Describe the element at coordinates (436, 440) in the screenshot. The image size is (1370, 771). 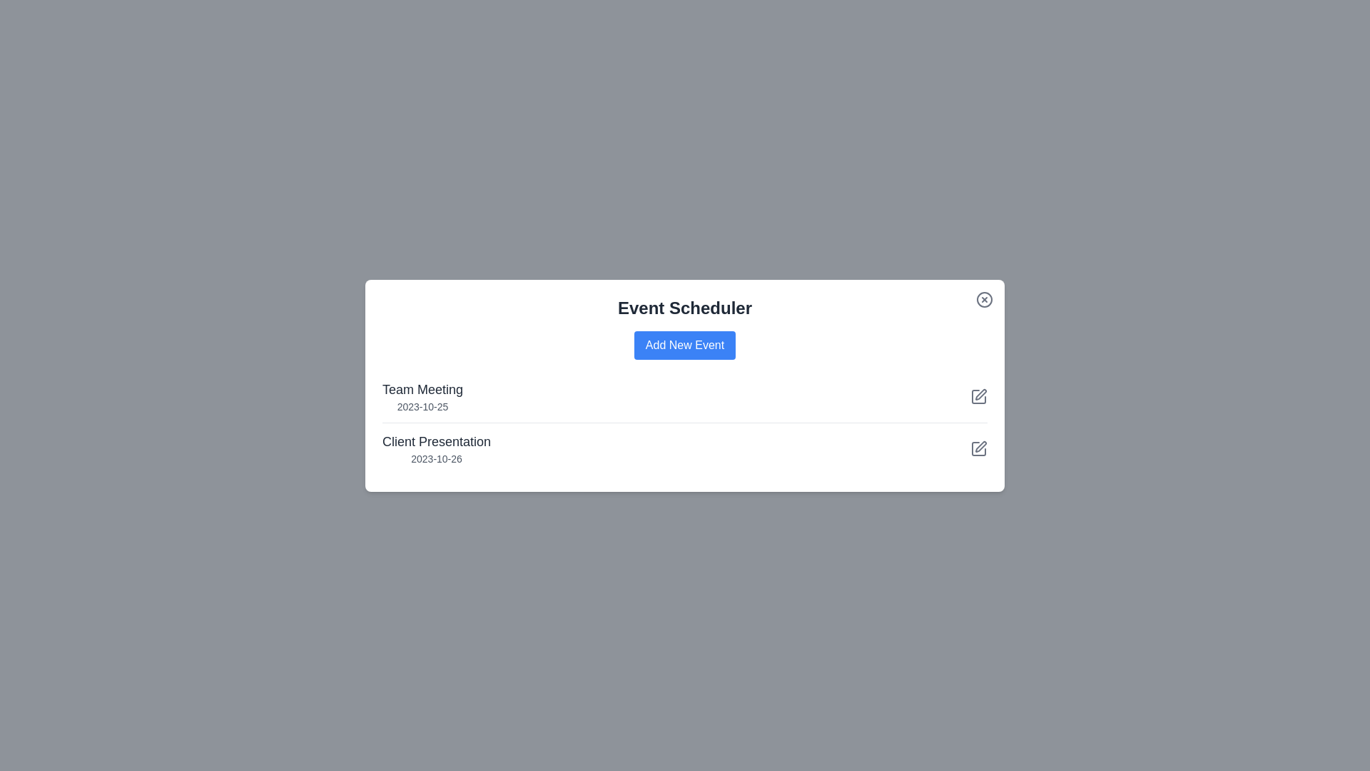
I see `the Static Text Label that indicates the title of the event in the scheduling application, positioned above the date '2023-10-26'` at that location.